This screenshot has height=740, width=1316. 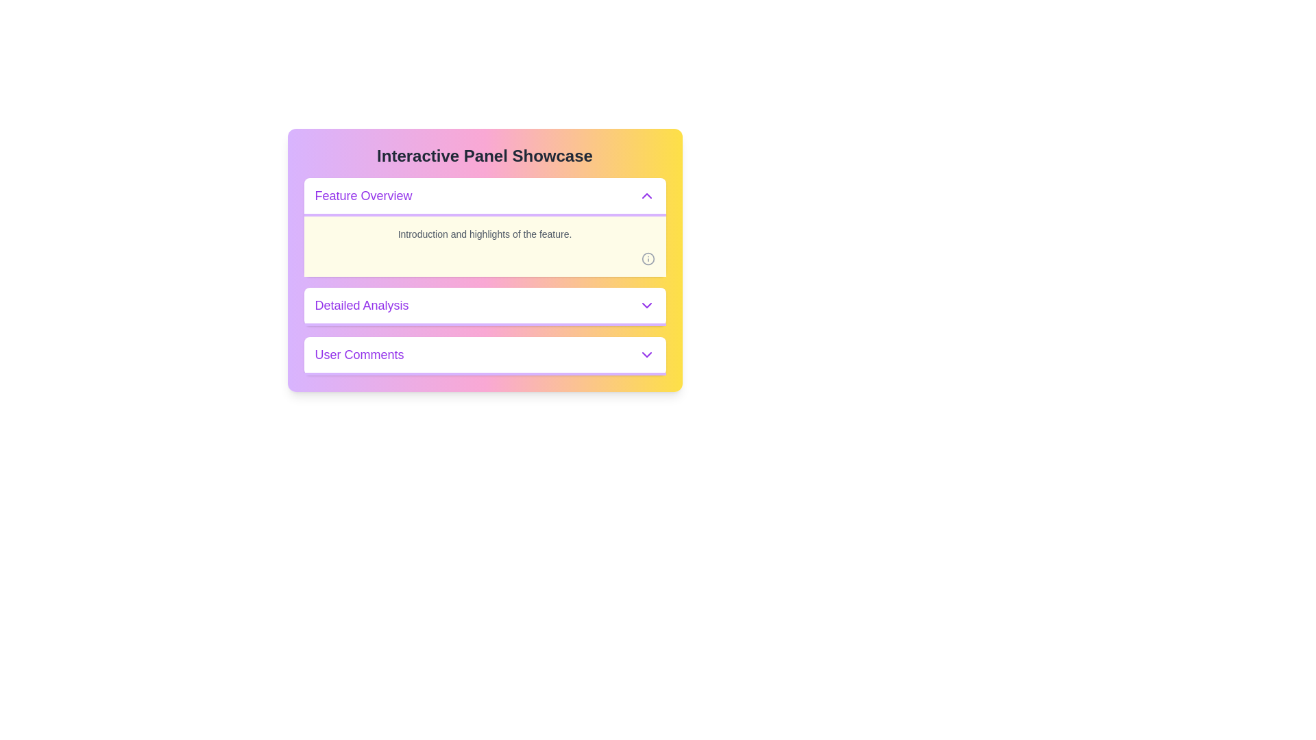 What do you see at coordinates (646, 354) in the screenshot?
I see `the downward-facing chevron icon located to the right of the 'User Comments' text` at bounding box center [646, 354].